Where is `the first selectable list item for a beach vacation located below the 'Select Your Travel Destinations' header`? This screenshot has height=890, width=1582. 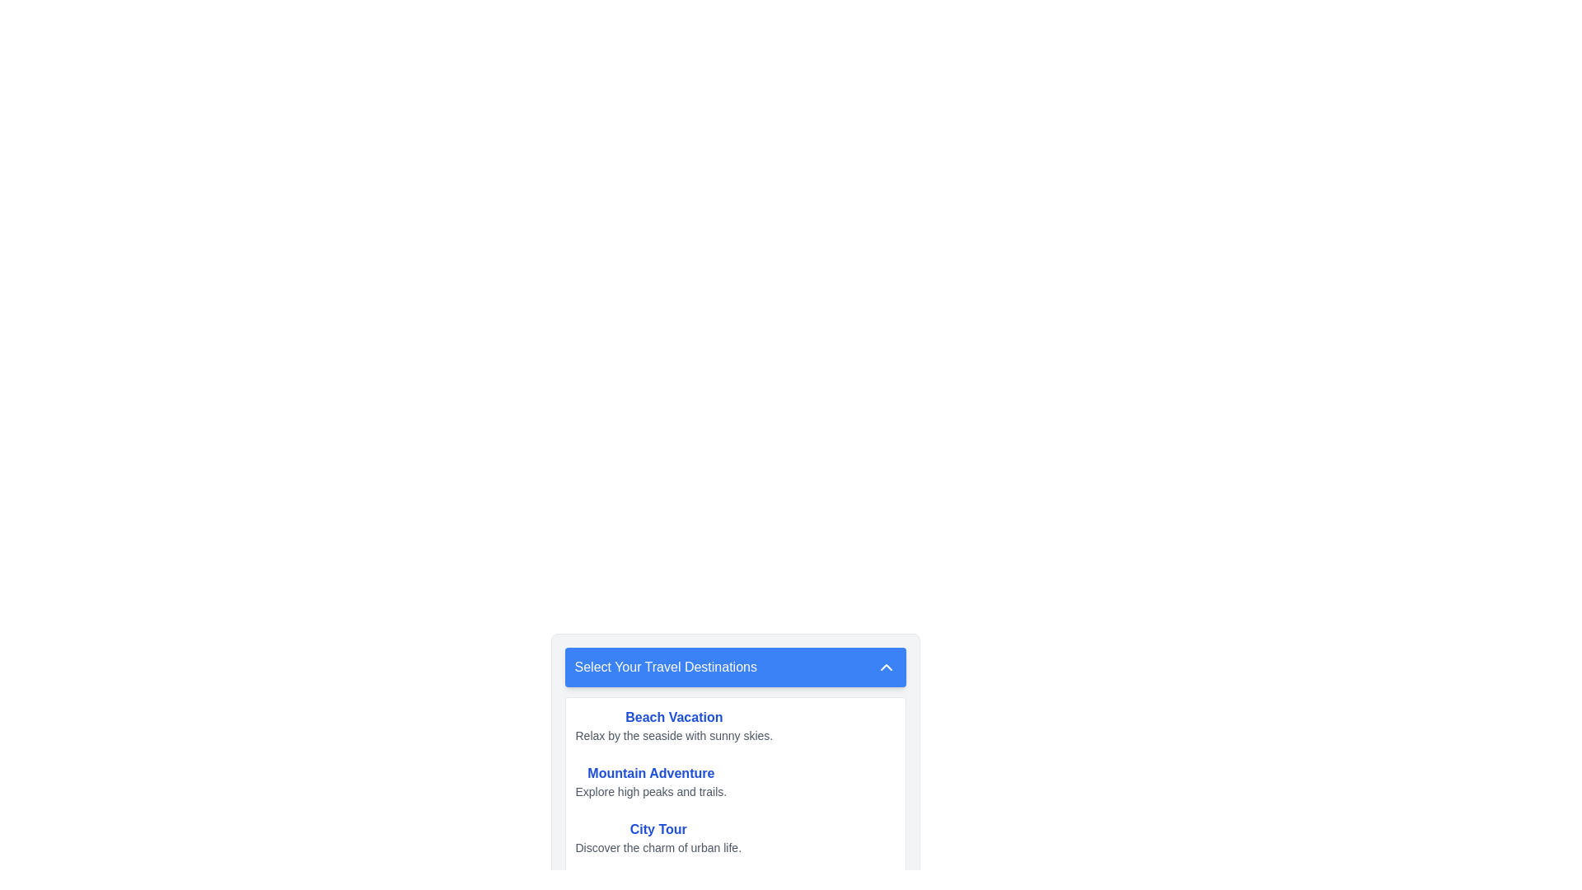 the first selectable list item for a beach vacation located below the 'Select Your Travel Destinations' header is located at coordinates (734, 724).